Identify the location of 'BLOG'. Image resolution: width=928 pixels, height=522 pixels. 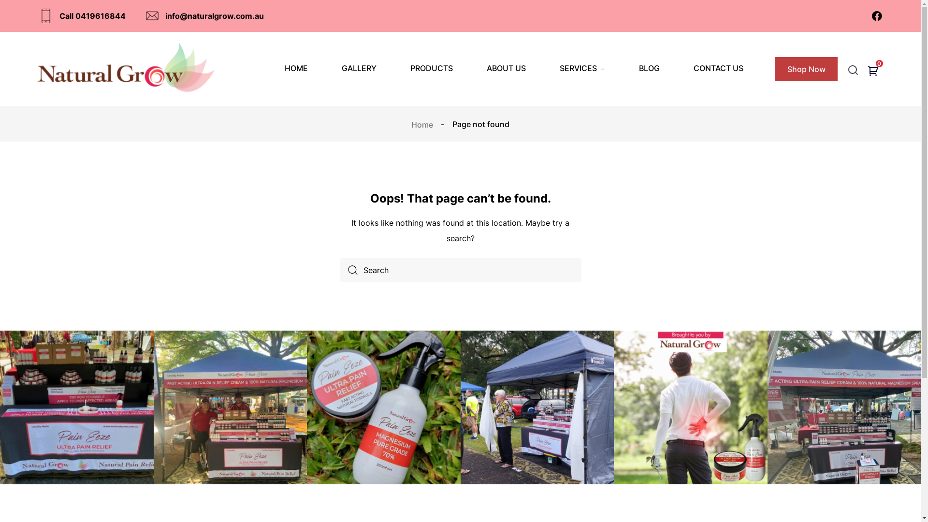
(649, 68).